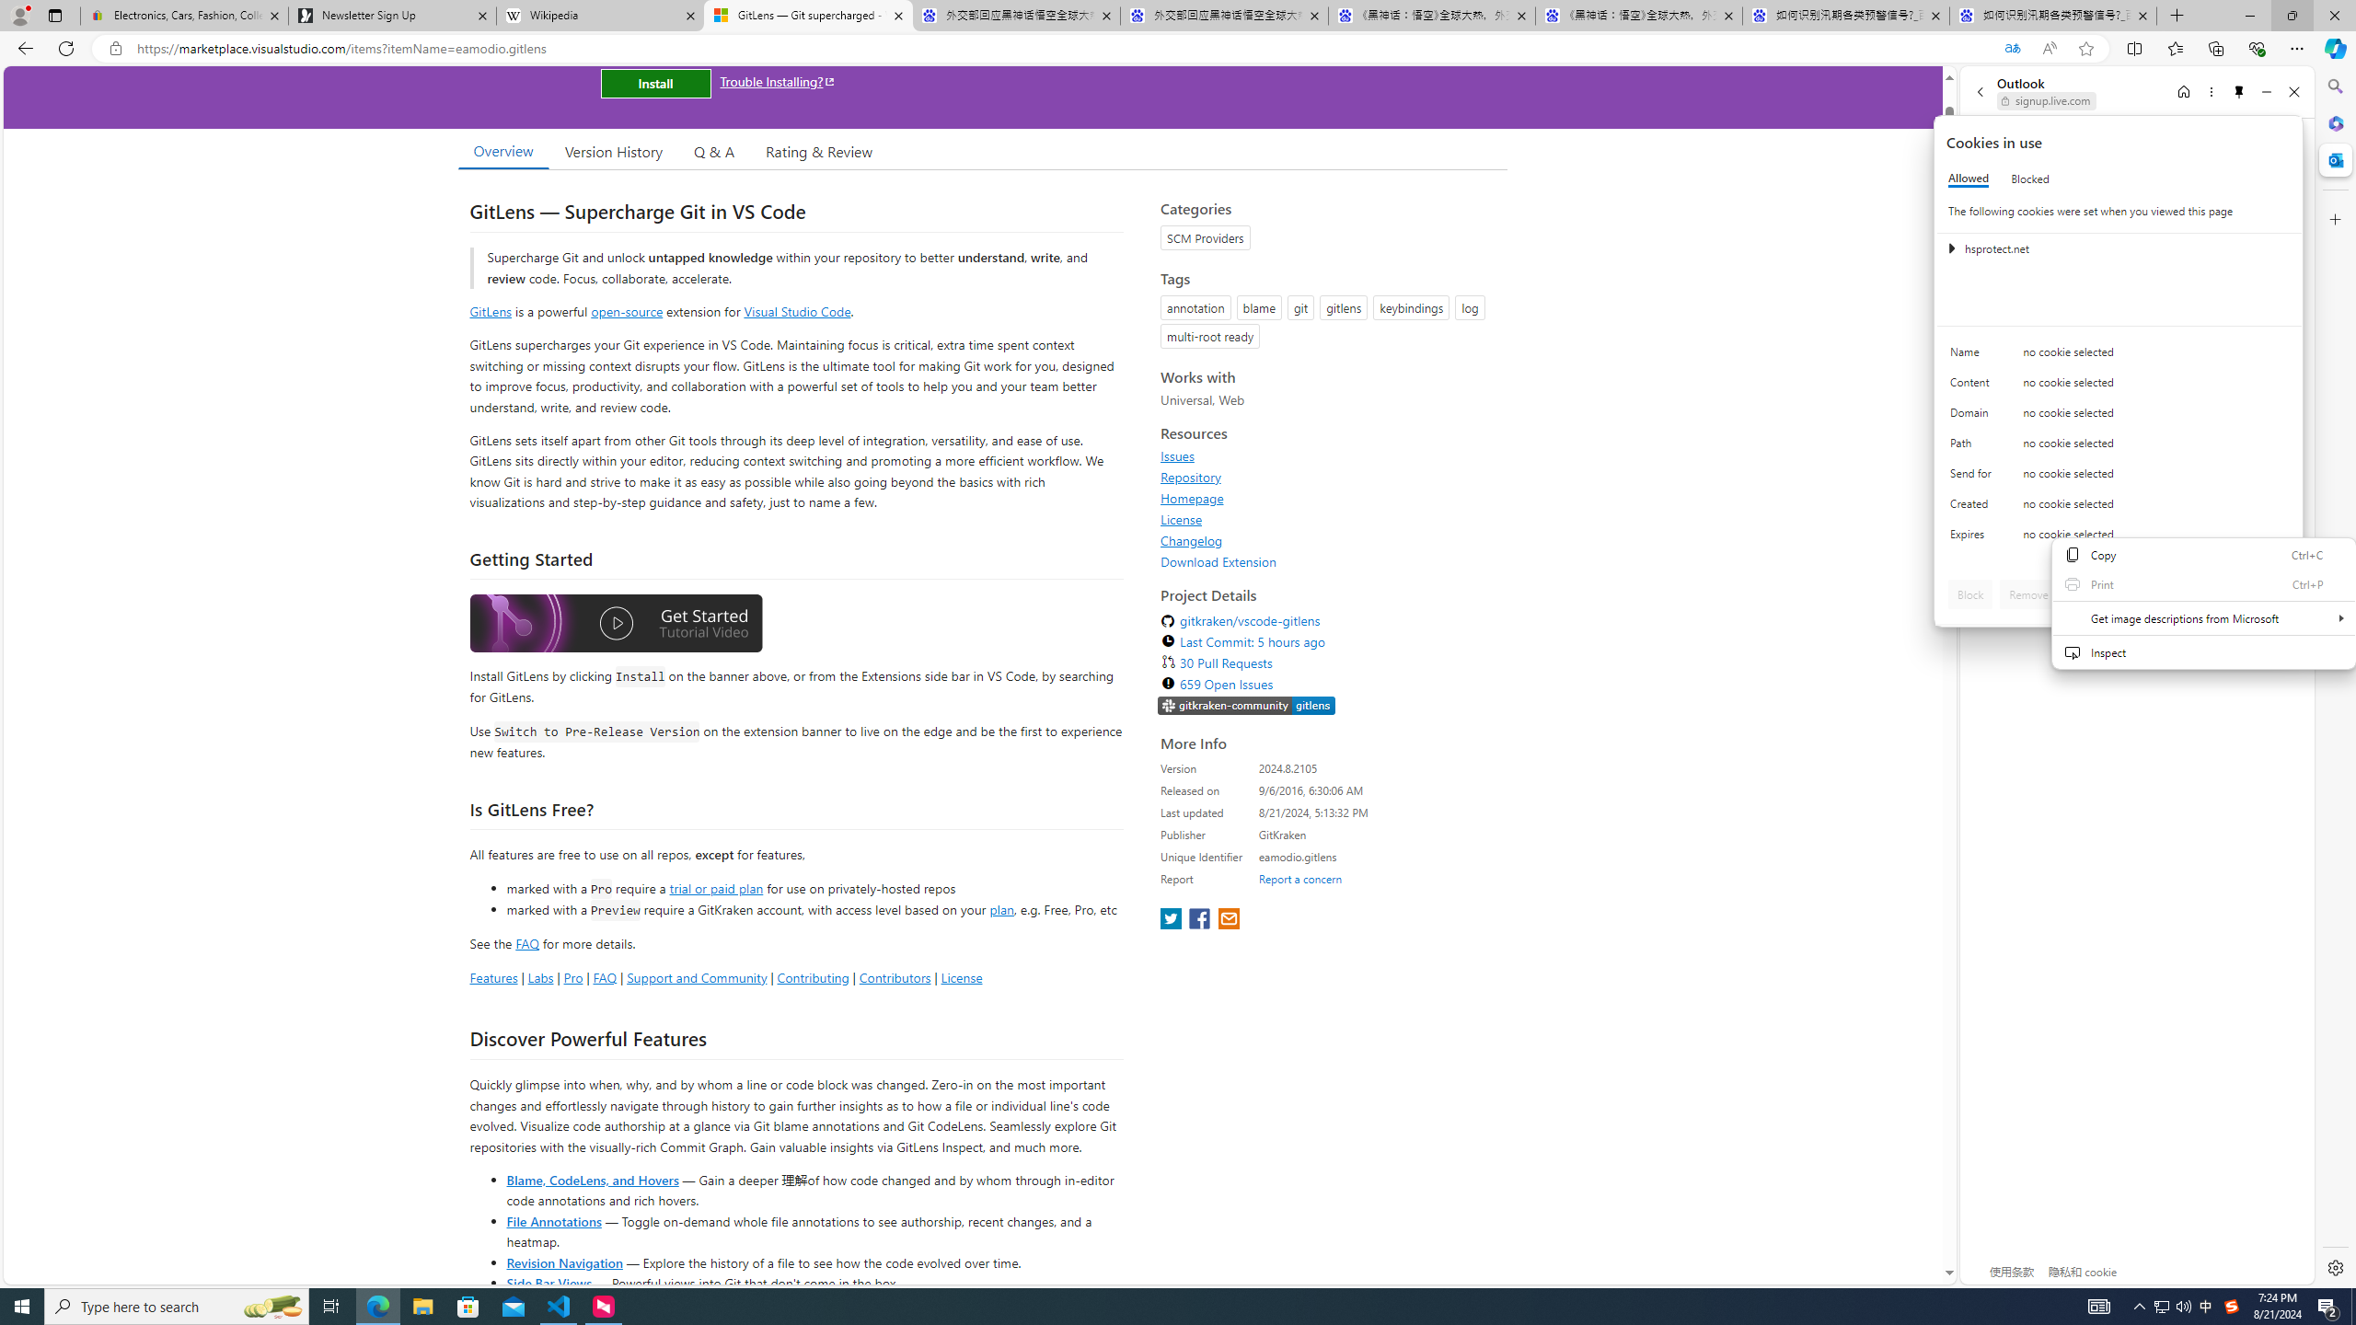  What do you see at coordinates (1973, 477) in the screenshot?
I see `'Send for'` at bounding box center [1973, 477].